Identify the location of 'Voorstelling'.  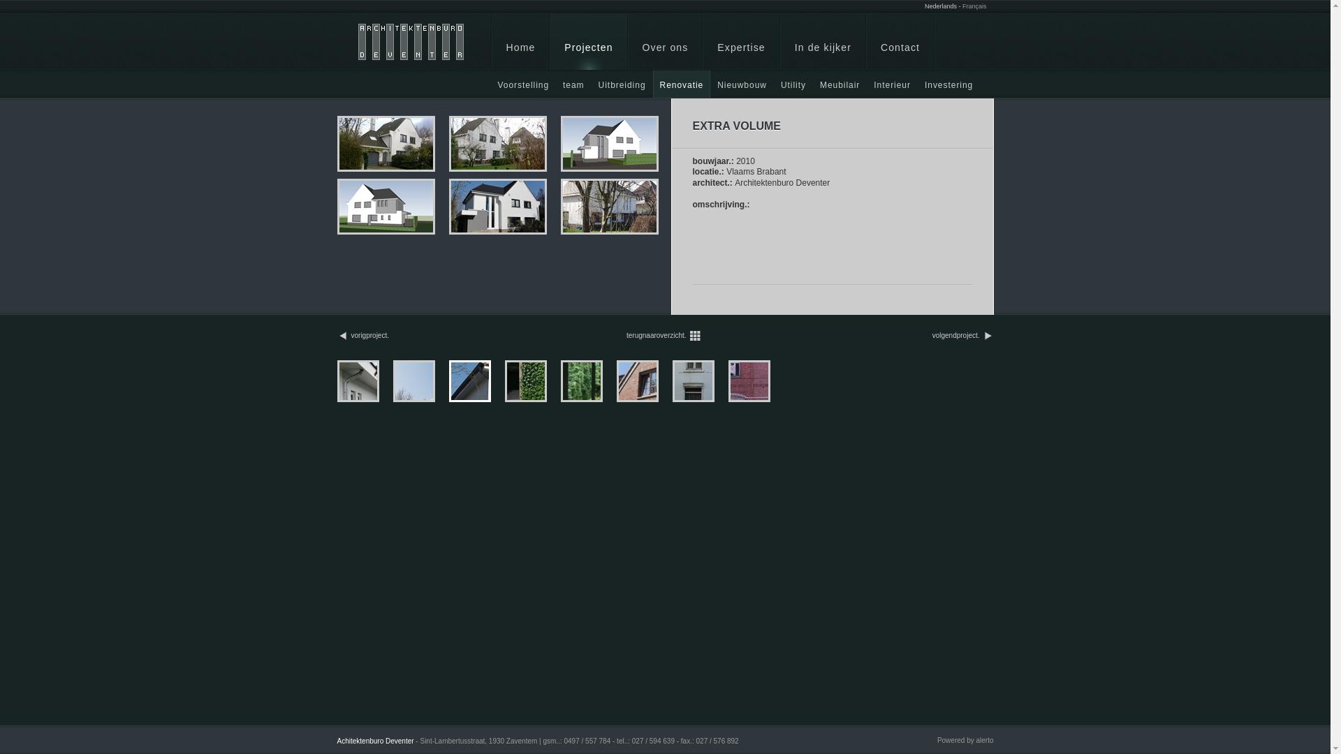
(490, 84).